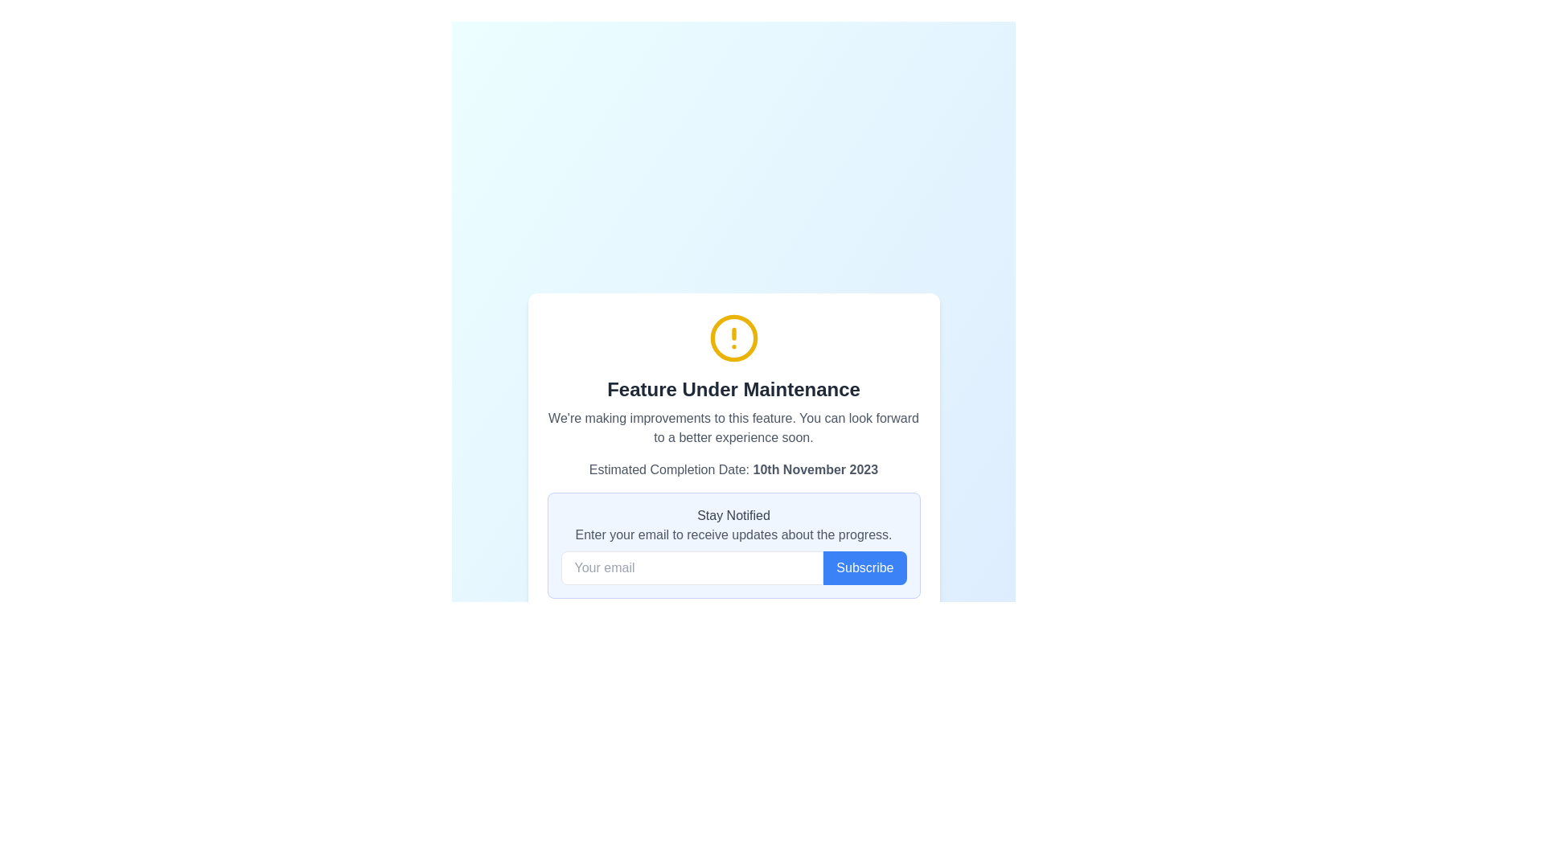 This screenshot has width=1544, height=868. I want to click on the instructional text prompting users to enter their email address, located in the light-blue 'Stay Notified' panel, directly beneath the title and above the email input field, so click(733, 535).